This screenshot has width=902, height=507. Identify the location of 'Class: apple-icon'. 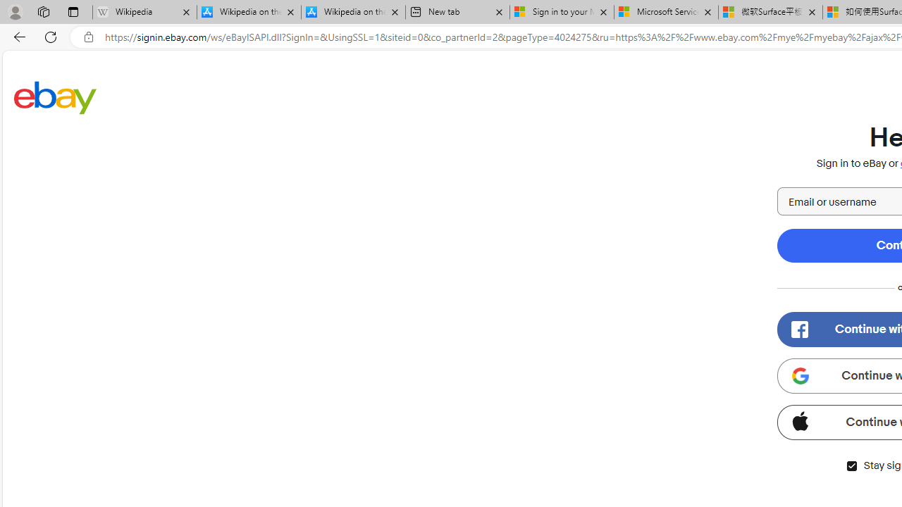
(800, 420).